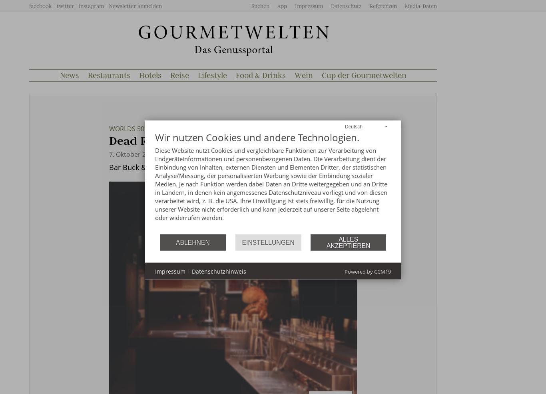 The height and width of the screenshot is (394, 546). Describe the element at coordinates (192, 141) in the screenshot. I see `'Dead Rabbit in New York No 1'` at that location.